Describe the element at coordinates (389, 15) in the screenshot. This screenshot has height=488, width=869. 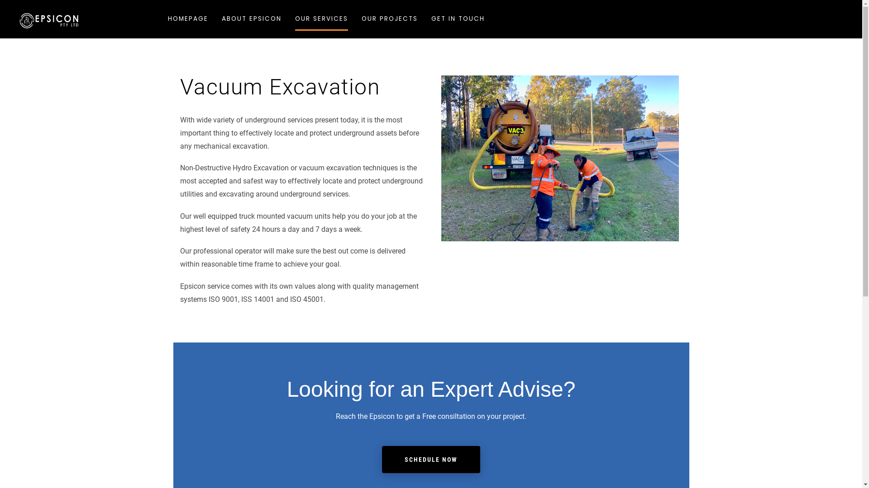
I see `'OUR PROJECTS'` at that location.